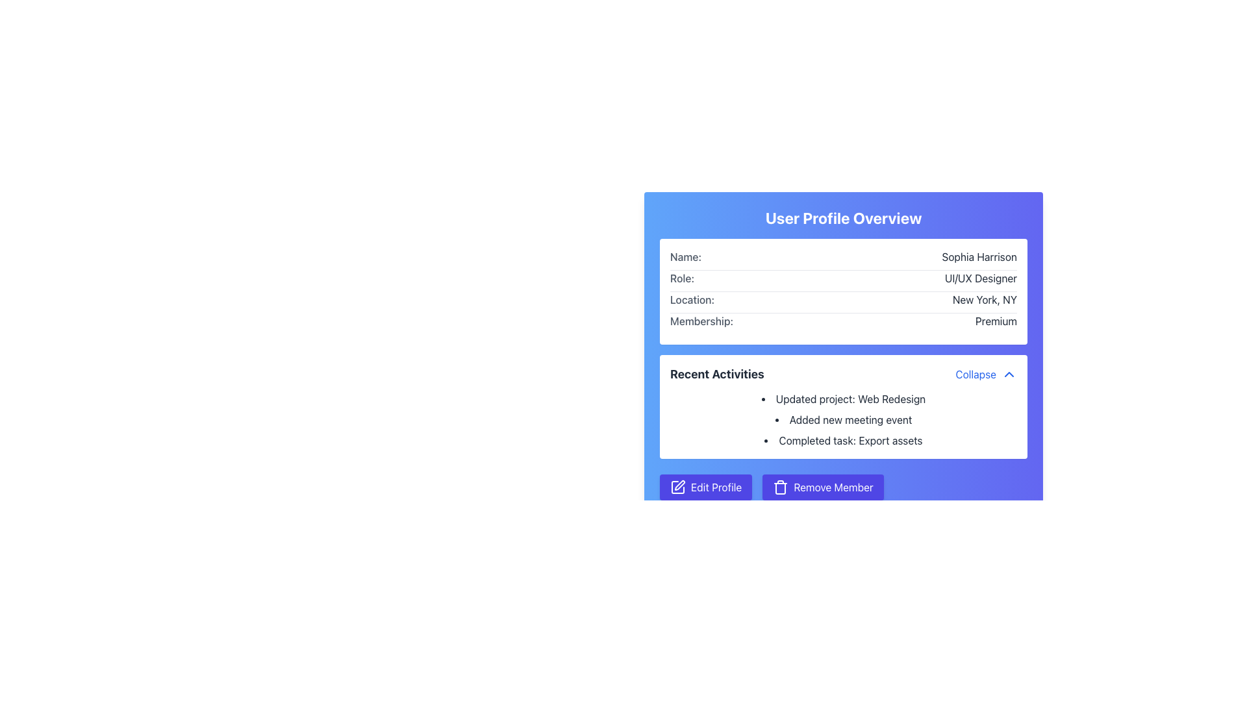 This screenshot has width=1247, height=701. I want to click on the text label that displays 'Membership:' styled in medium-sized gray font, located in a detail table and aligned with 'Name:' and 'Role:', positioned immediately to the left of 'Premium', so click(701, 321).